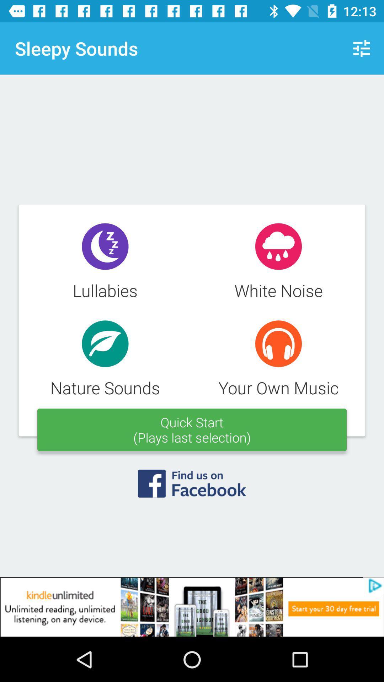 This screenshot has width=384, height=682. I want to click on the icon which is above nature sounds, so click(105, 344).